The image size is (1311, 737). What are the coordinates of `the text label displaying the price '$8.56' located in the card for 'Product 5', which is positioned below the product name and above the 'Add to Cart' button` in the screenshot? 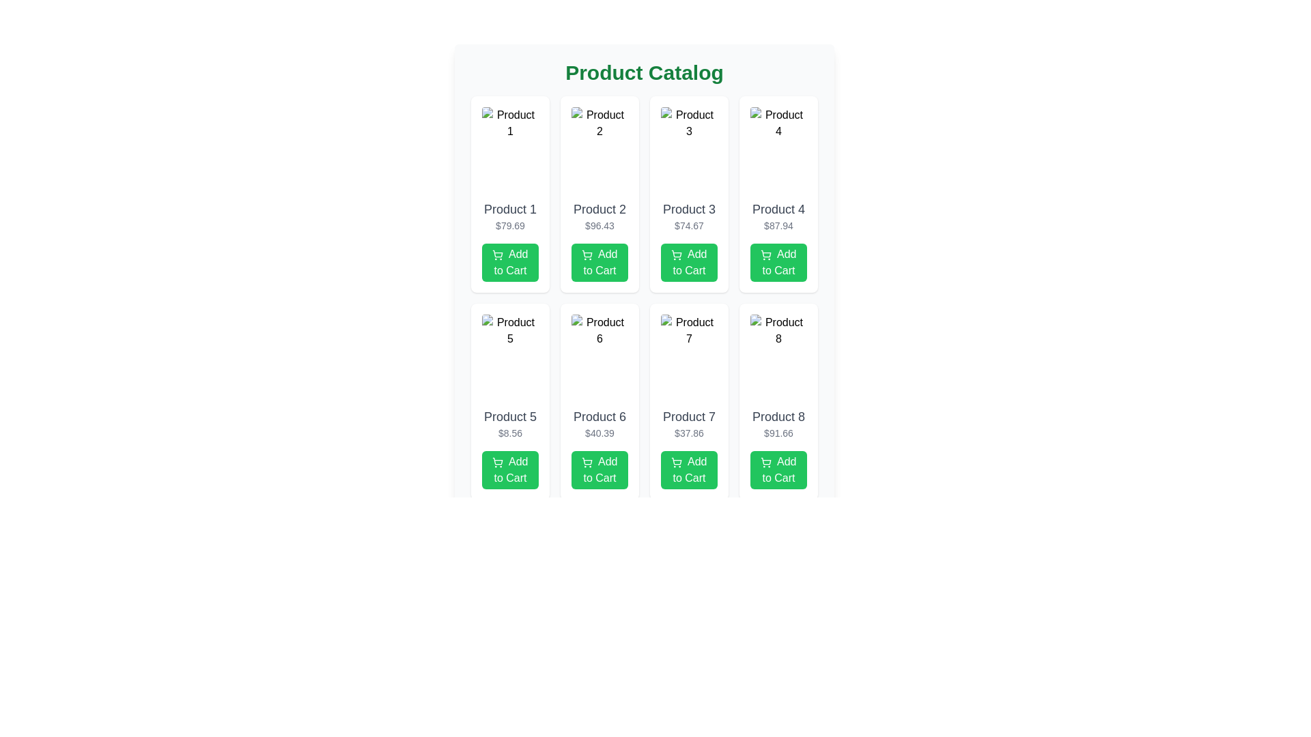 It's located at (509, 433).